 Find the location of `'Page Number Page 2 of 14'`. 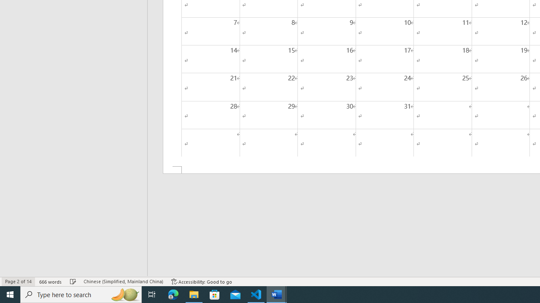

'Page Number Page 2 of 14' is located at coordinates (18, 282).